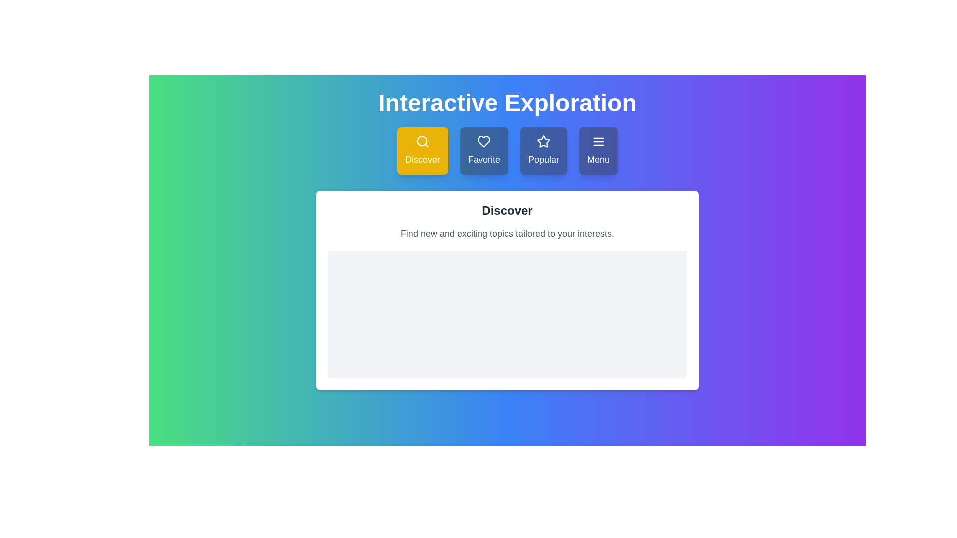  Describe the element at coordinates (422, 151) in the screenshot. I see `the 'Discover' button to observe its hover effect` at that location.